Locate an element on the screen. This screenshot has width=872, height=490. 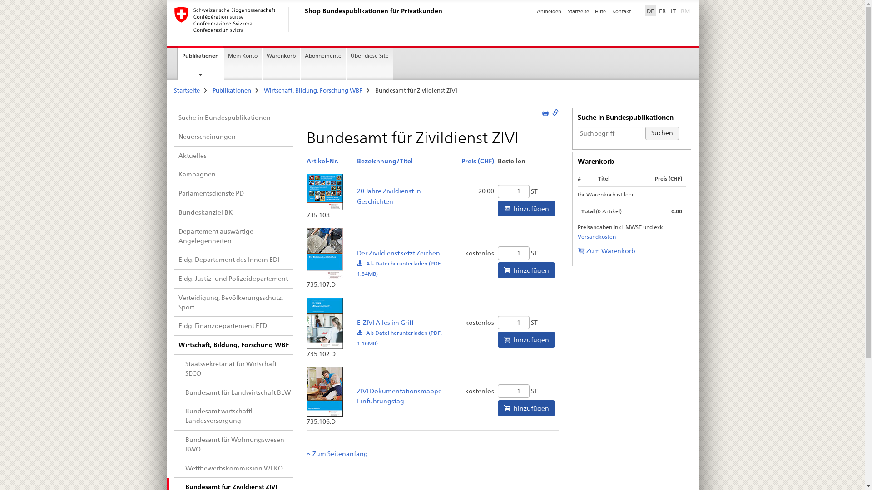
'Produktbild: Der Zivildienst setzt Zeichen' is located at coordinates (325, 254).